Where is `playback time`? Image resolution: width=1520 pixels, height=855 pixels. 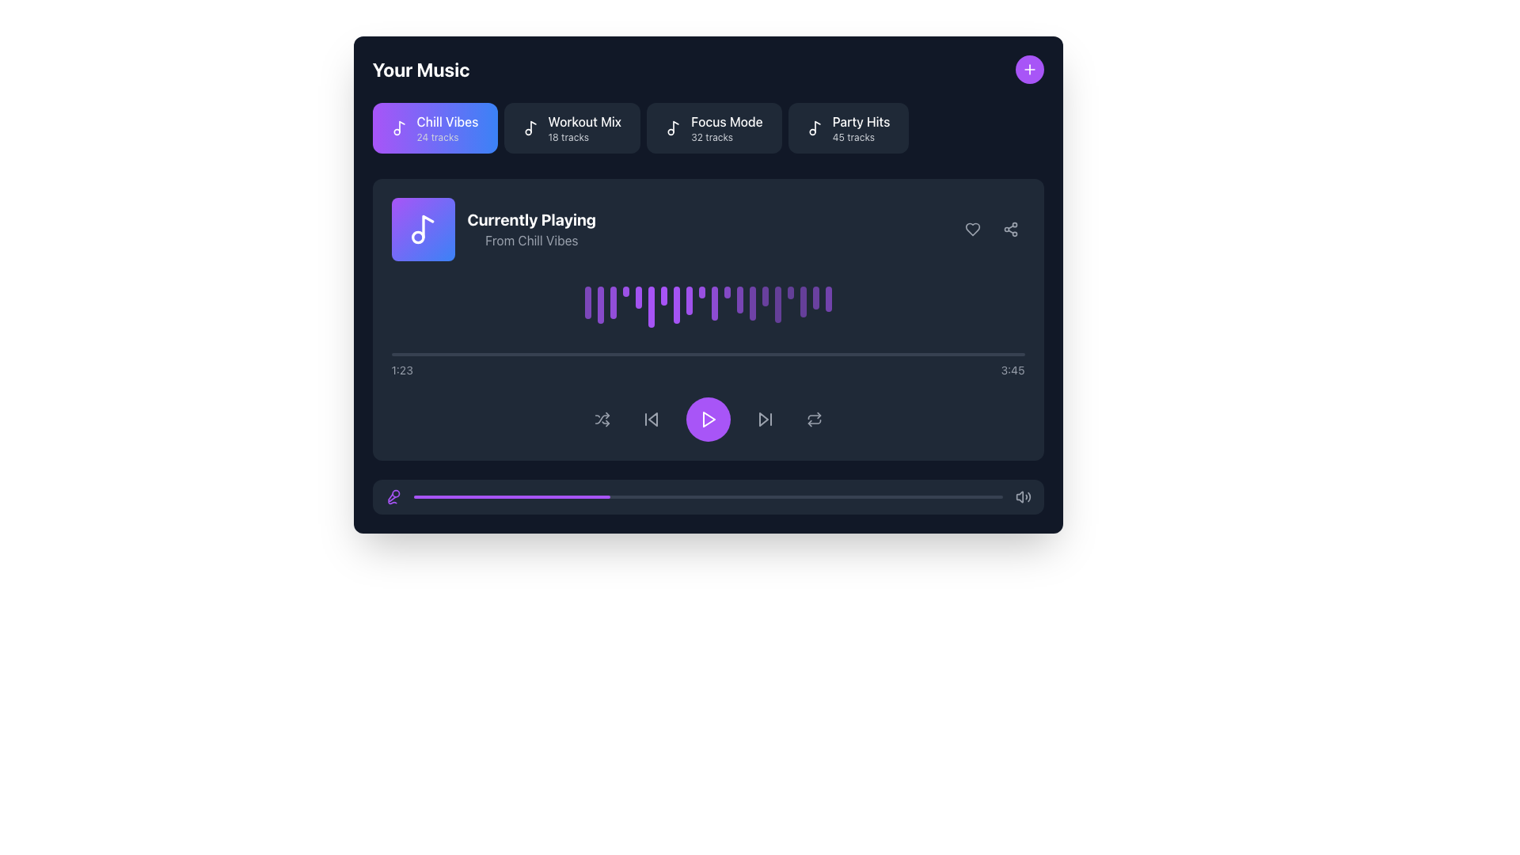 playback time is located at coordinates (613, 354).